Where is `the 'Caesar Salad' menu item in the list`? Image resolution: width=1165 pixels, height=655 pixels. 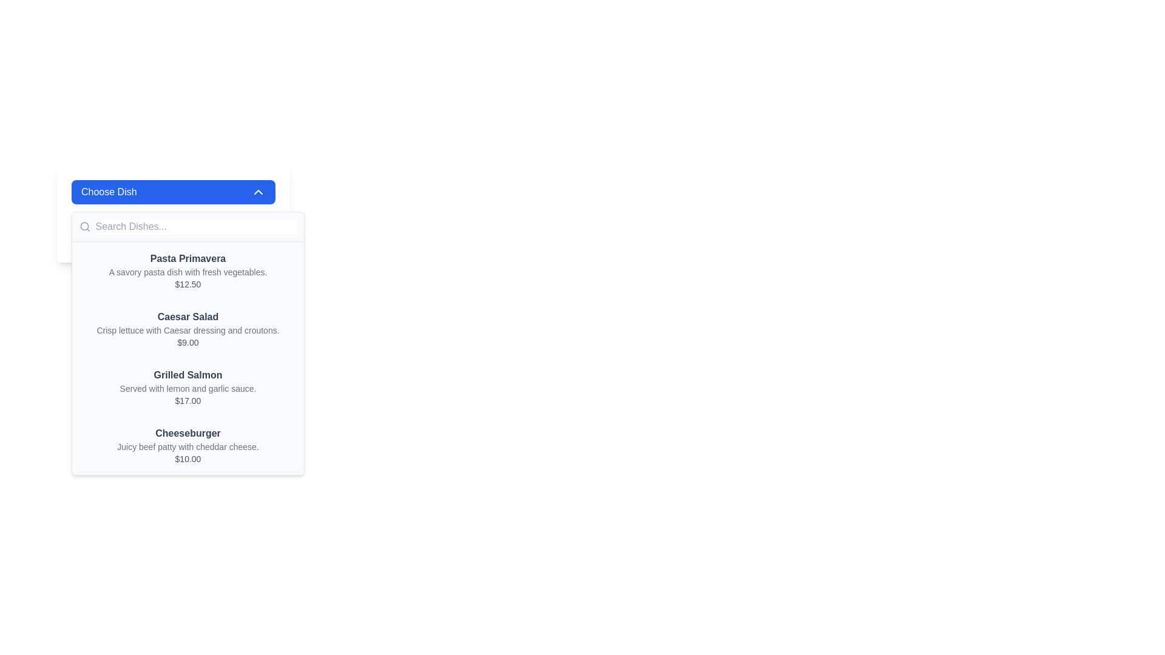 the 'Caesar Salad' menu item in the list is located at coordinates (187, 329).